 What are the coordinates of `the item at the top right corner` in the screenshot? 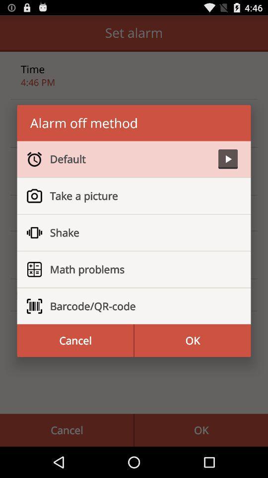 It's located at (228, 159).